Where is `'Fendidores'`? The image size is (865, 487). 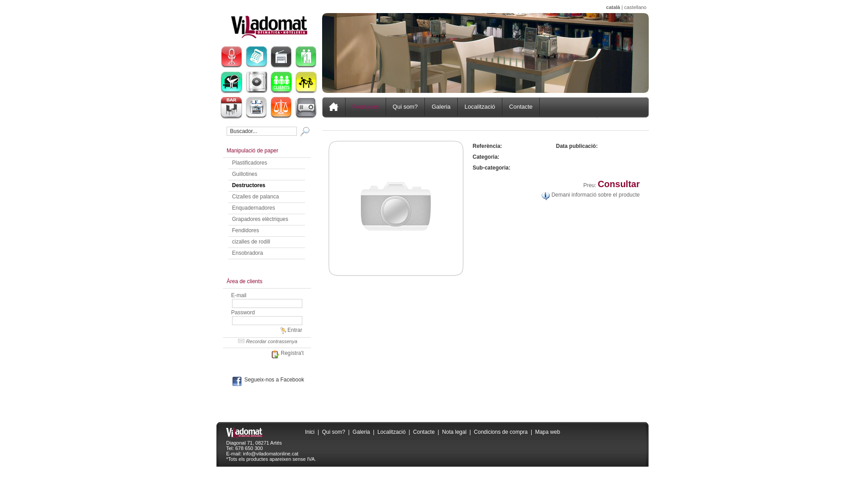
'Fendidores' is located at coordinates (246, 230).